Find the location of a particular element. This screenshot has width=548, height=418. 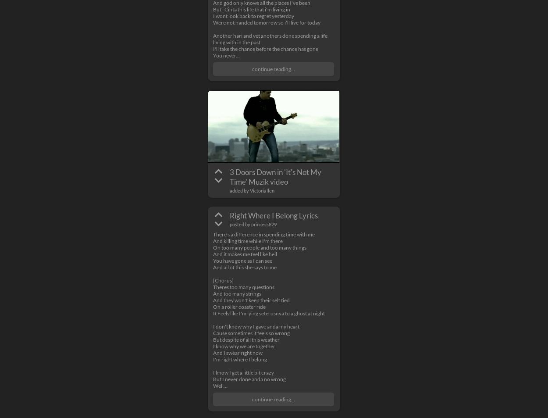

'But I never done anda no wrong' is located at coordinates (249, 379).